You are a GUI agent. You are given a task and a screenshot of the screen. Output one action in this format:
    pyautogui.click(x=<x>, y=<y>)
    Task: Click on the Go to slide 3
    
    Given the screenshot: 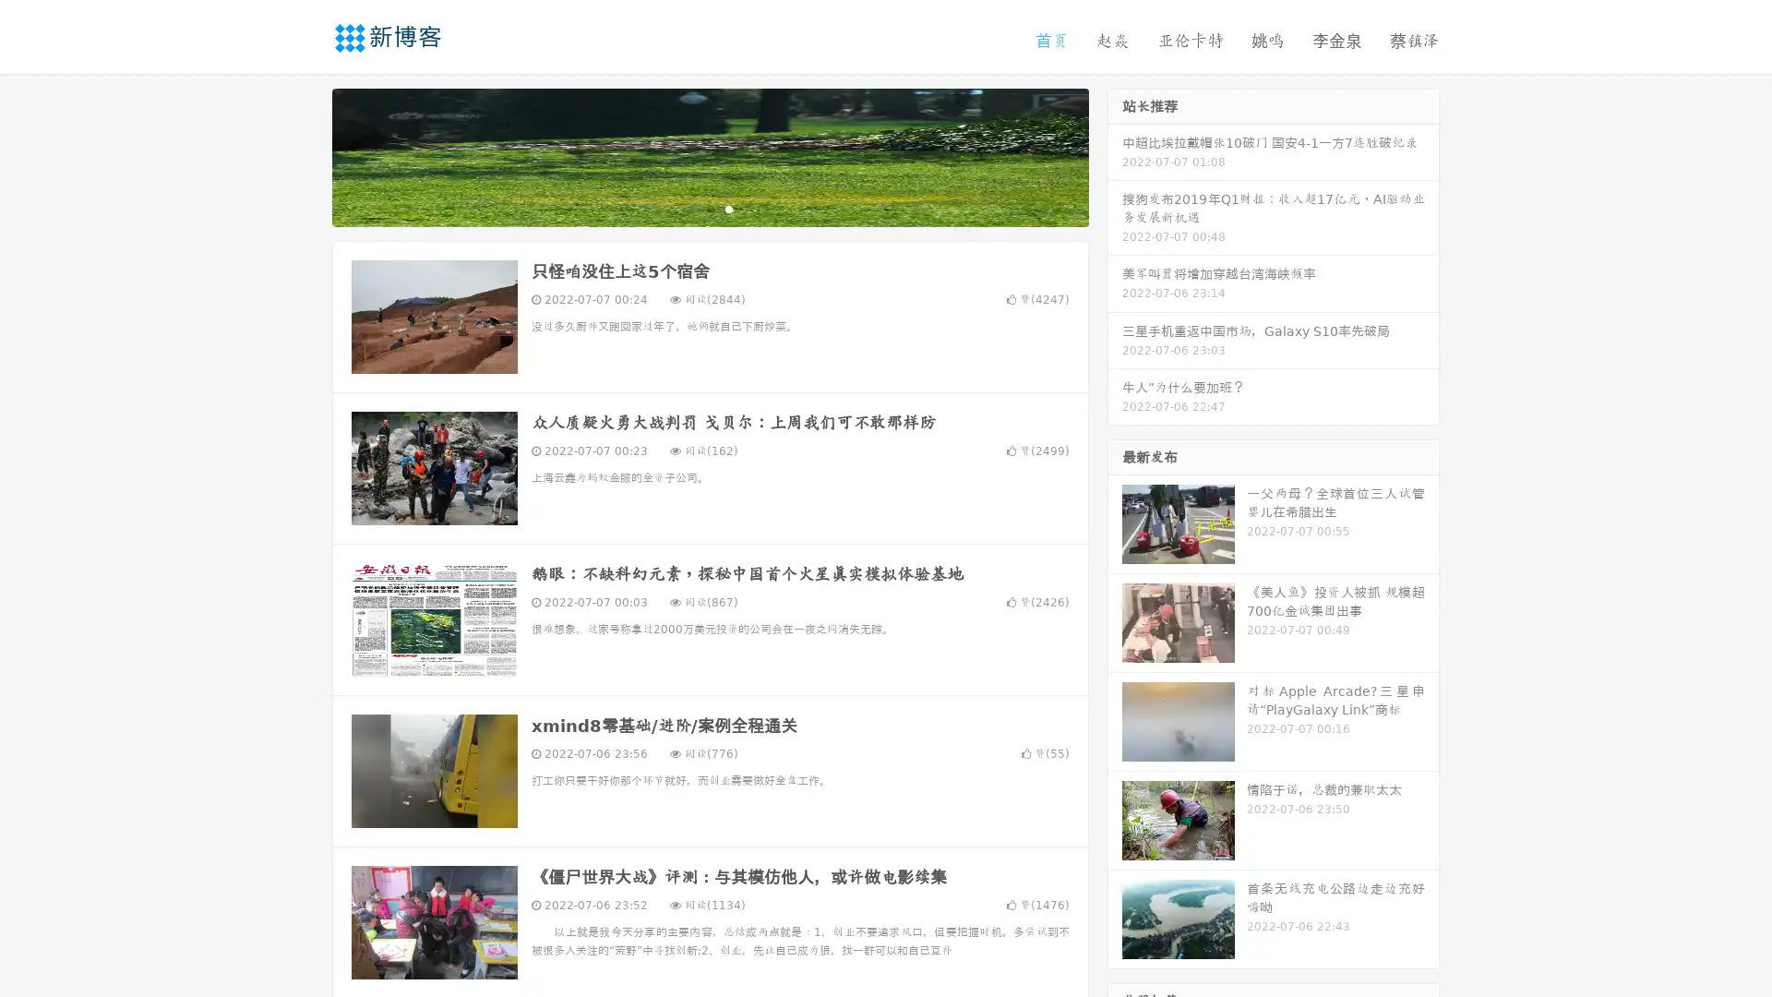 What is the action you would take?
    pyautogui.click(x=728, y=208)
    